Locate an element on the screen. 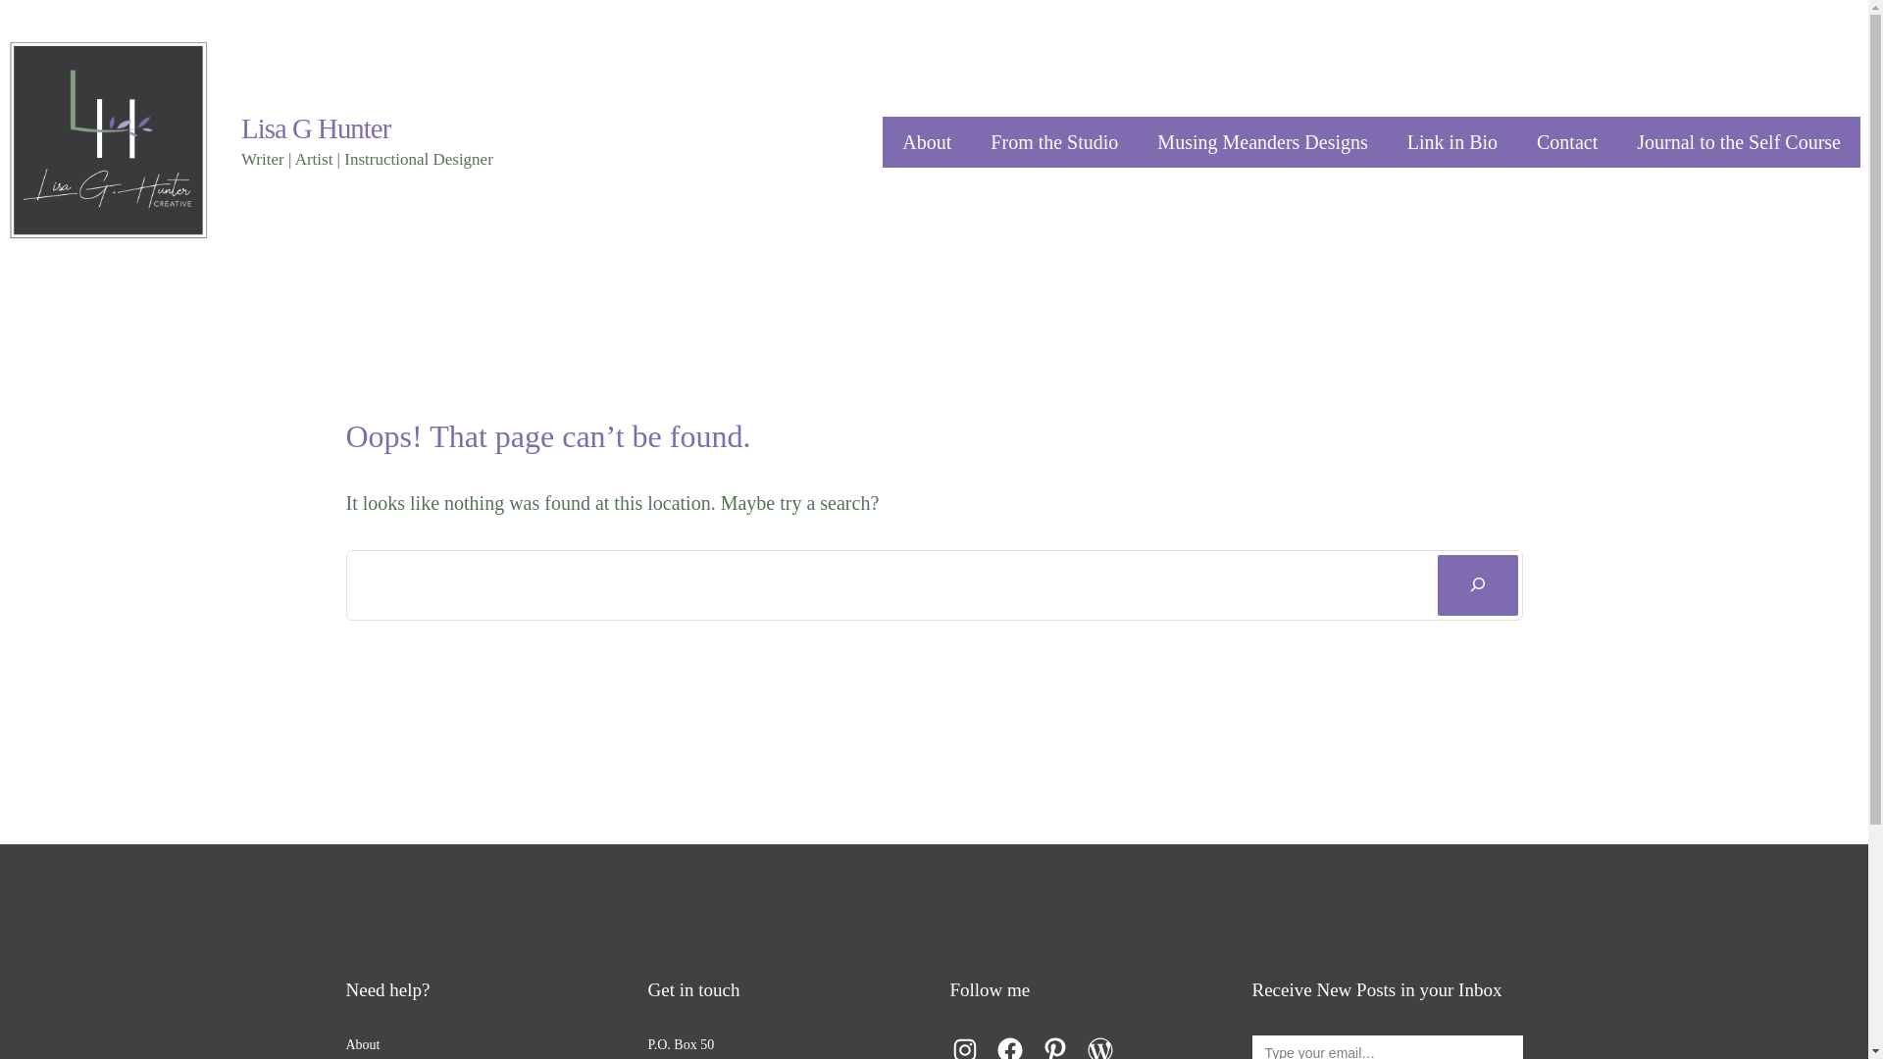  'From the Studio' is located at coordinates (1053, 141).